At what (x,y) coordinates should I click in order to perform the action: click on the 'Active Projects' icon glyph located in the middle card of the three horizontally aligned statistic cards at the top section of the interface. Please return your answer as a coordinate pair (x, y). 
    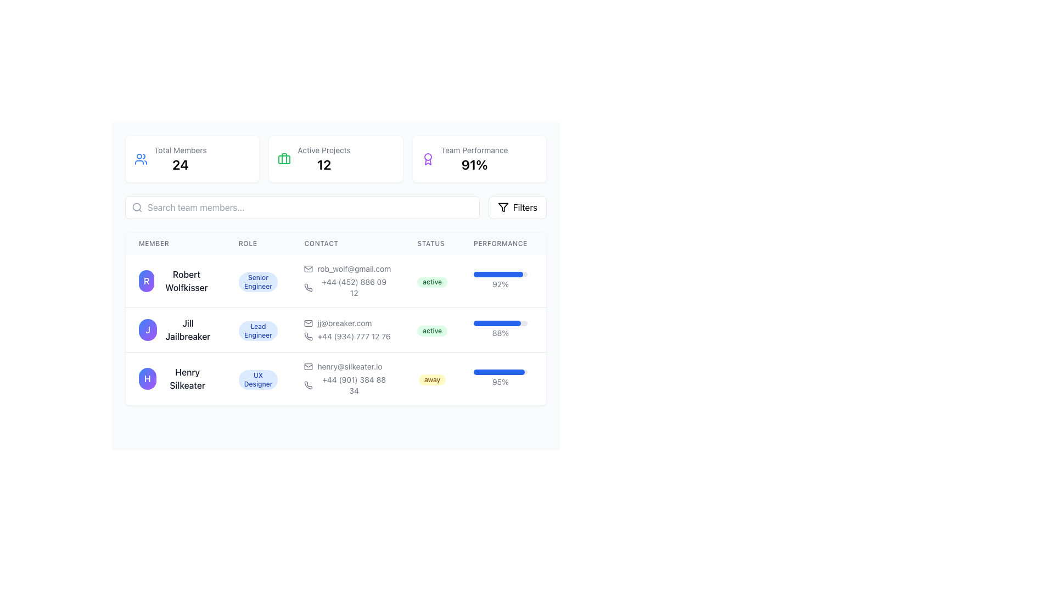
    Looking at the image, I should click on (284, 159).